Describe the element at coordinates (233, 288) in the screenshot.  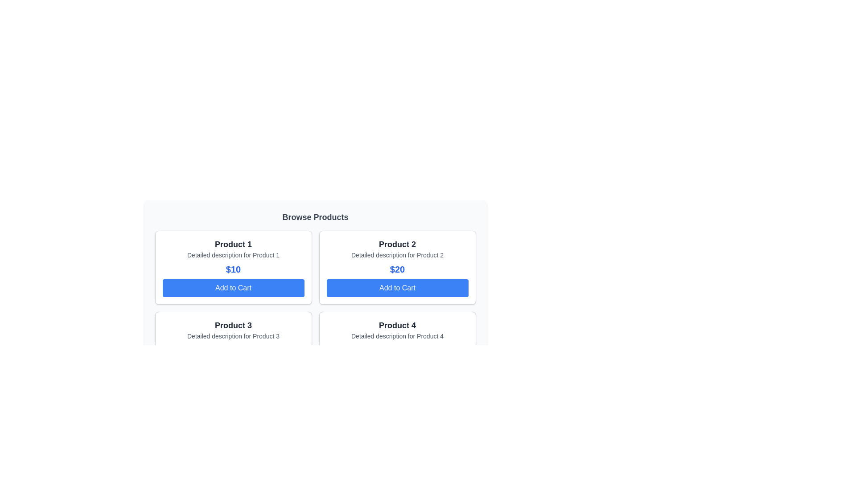
I see `the interactive button located at the bottom of the 'Product 1' card` at that location.